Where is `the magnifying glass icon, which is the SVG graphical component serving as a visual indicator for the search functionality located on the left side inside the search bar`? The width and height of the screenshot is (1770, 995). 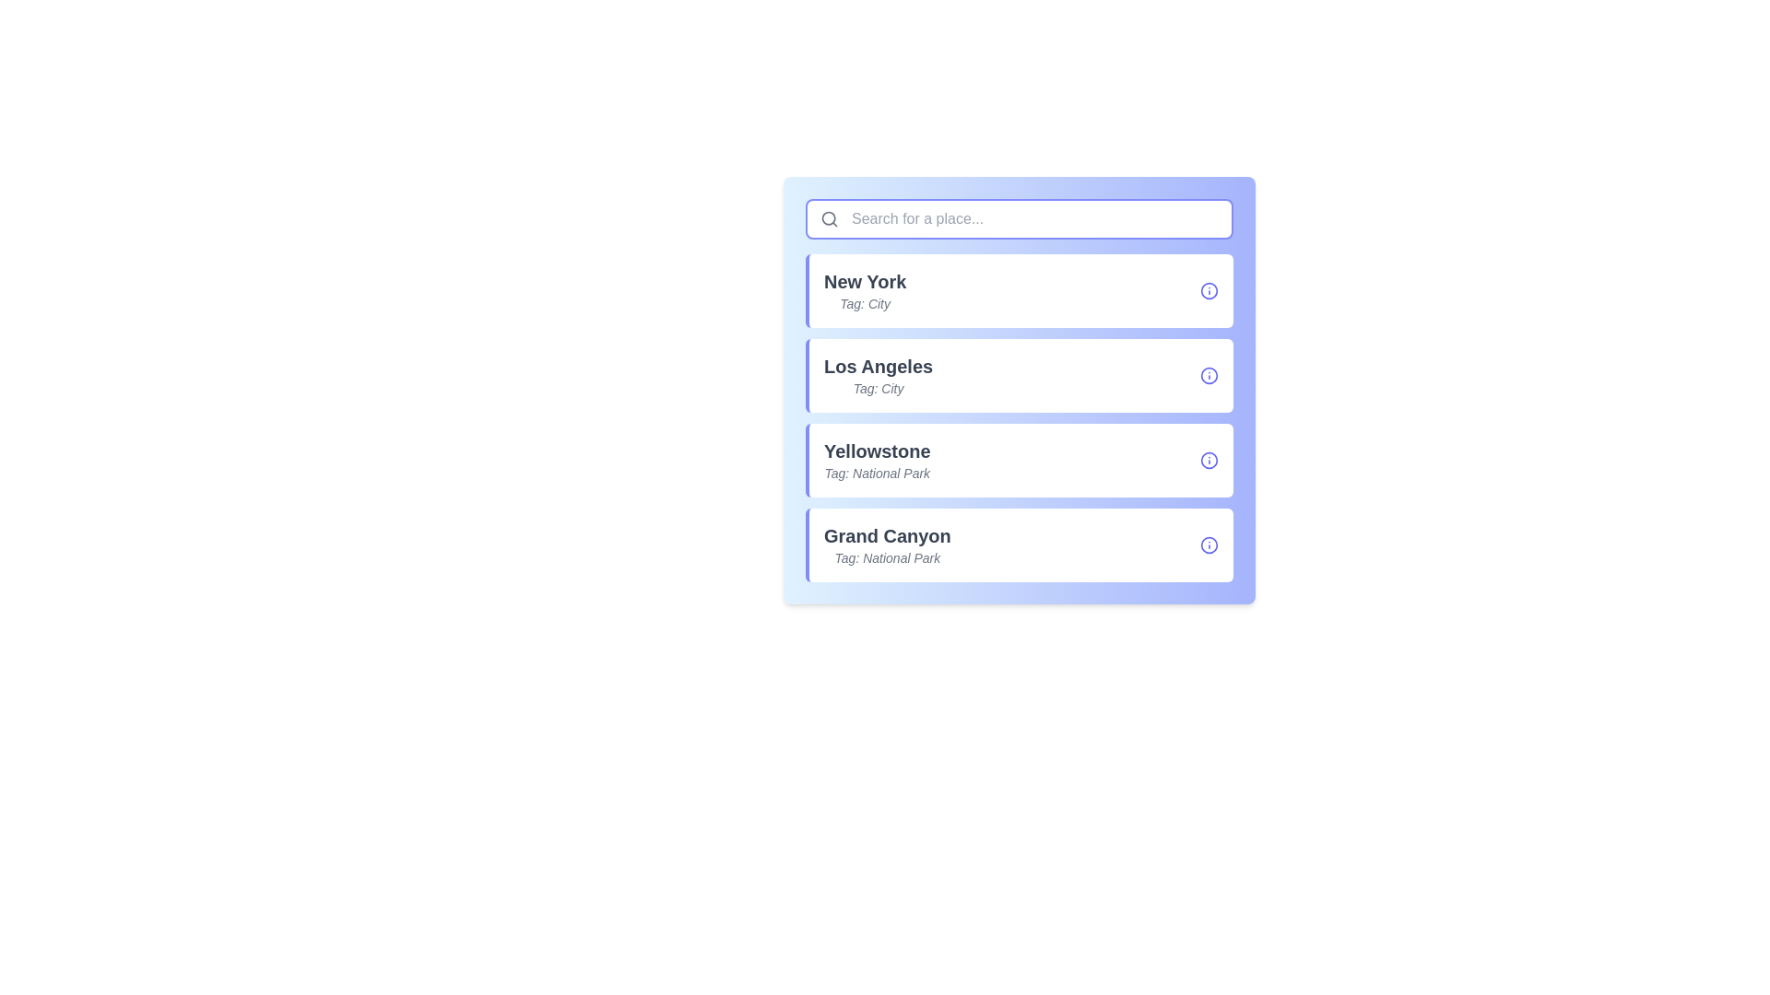
the magnifying glass icon, which is the SVG graphical component serving as a visual indicator for the search functionality located on the left side inside the search bar is located at coordinates (829, 218).